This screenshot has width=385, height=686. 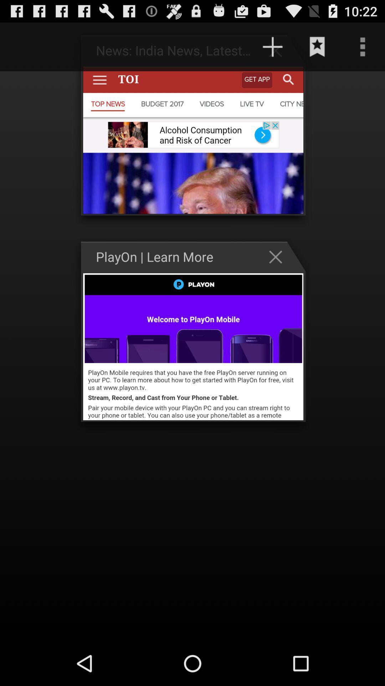 I want to click on the more icon, so click(x=363, y=50).